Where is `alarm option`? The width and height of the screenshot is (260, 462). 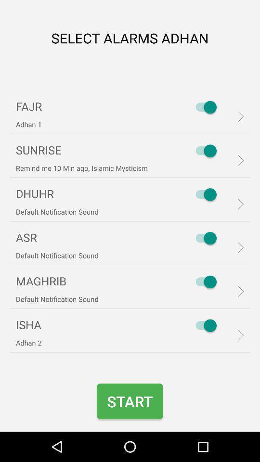
alarm option is located at coordinates (203, 107).